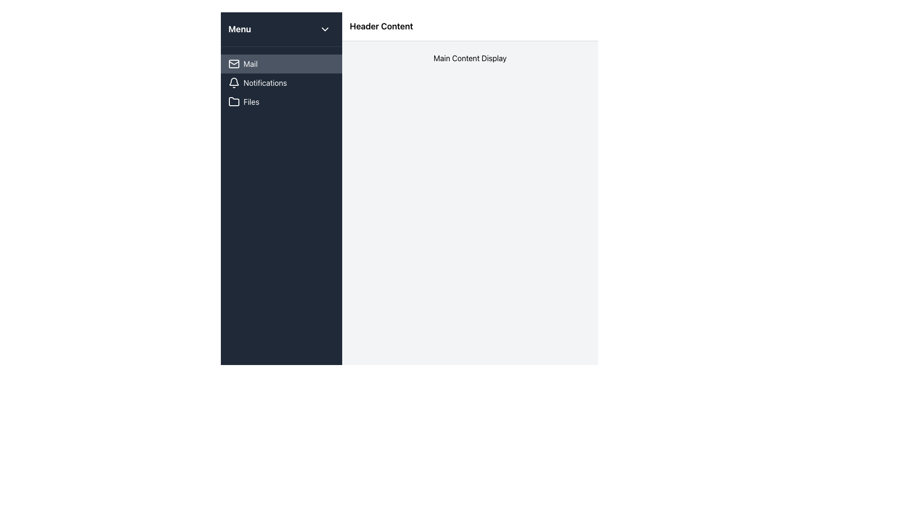  I want to click on the second item in the sidebar menu, which functions as a navigation link to the Notifications page, so click(281, 82).